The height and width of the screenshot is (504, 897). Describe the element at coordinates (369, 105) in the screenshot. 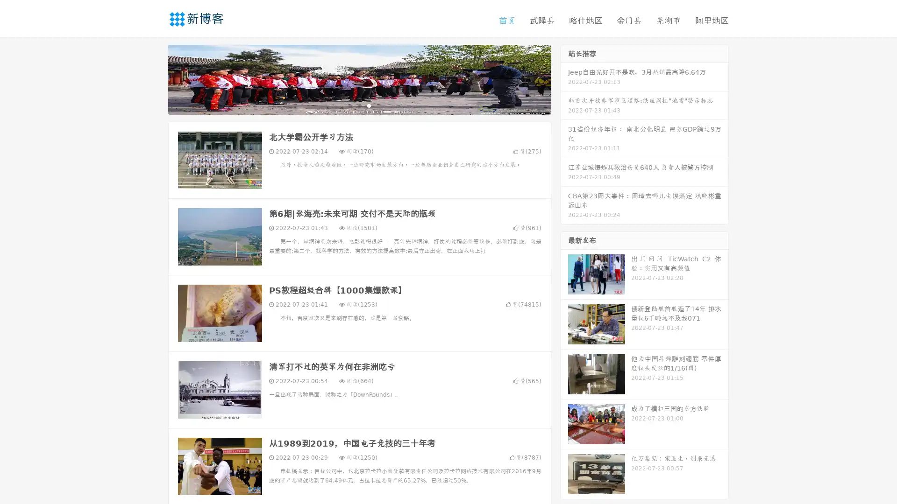

I see `Go to slide 3` at that location.